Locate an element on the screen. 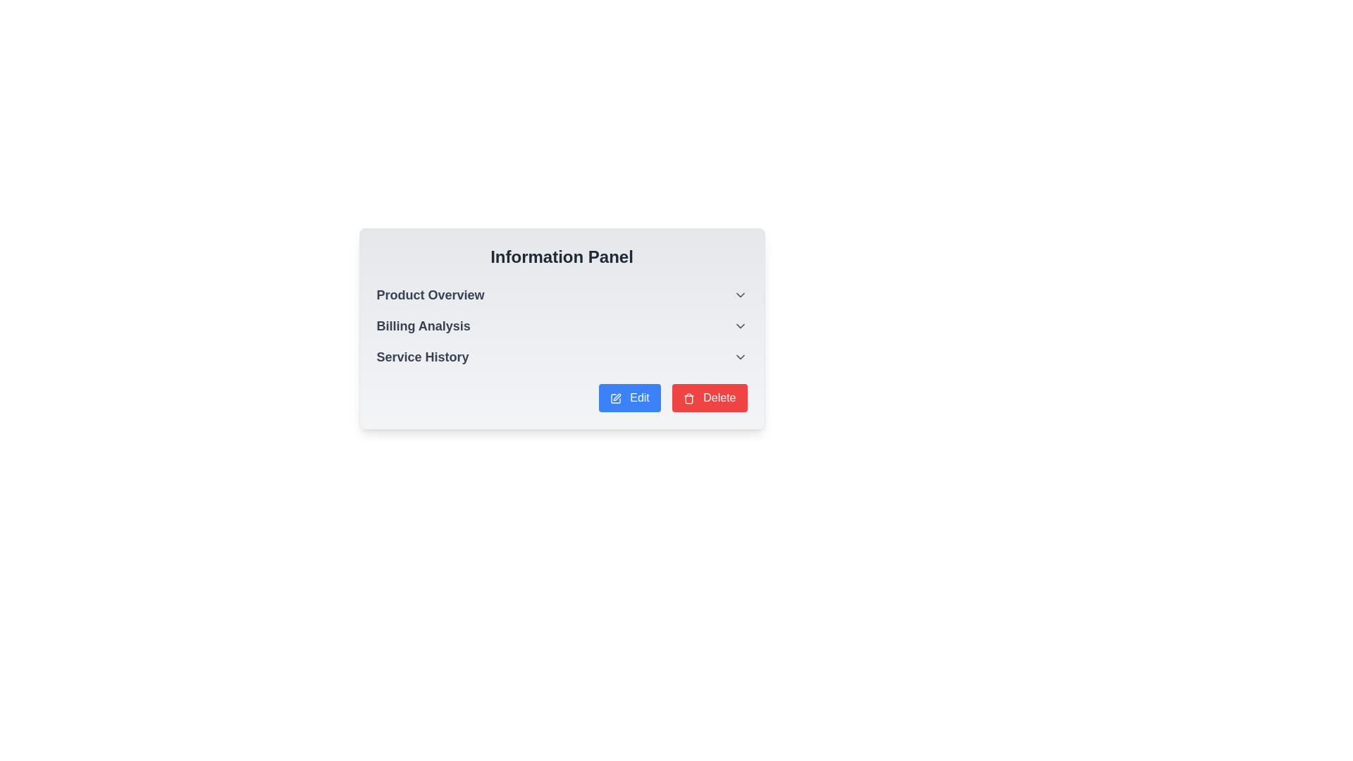  the 'Information Panel' header, which is a large, bold text element in dark gray at the top of the light gray panel is located at coordinates (561, 257).